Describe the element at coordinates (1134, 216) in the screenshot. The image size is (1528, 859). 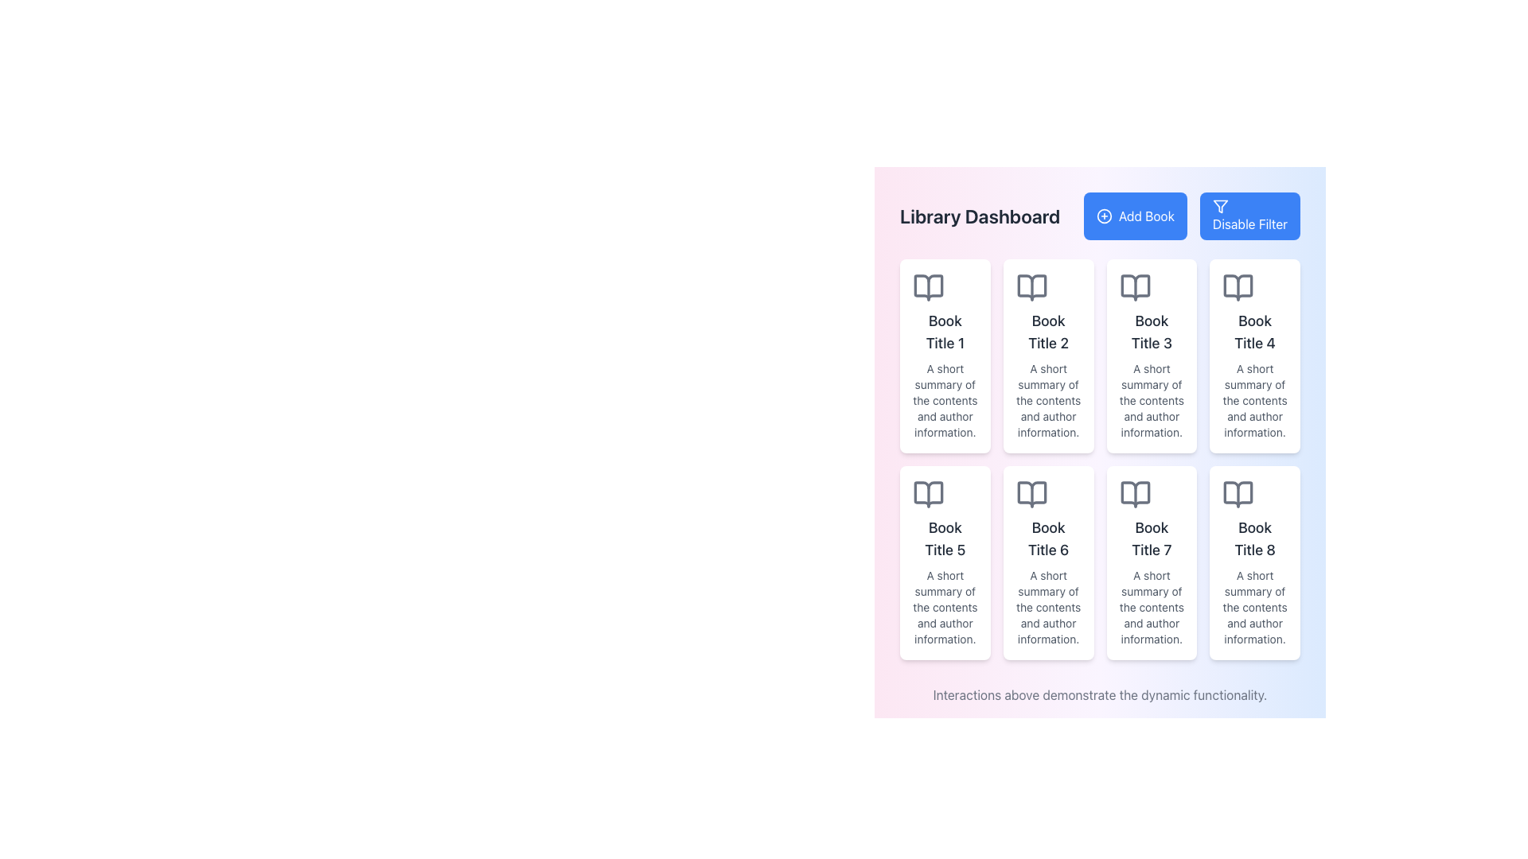
I see `the rectangular 'Add Book' button with a blue background and white text, featuring a circular '+' icon, to change its color` at that location.